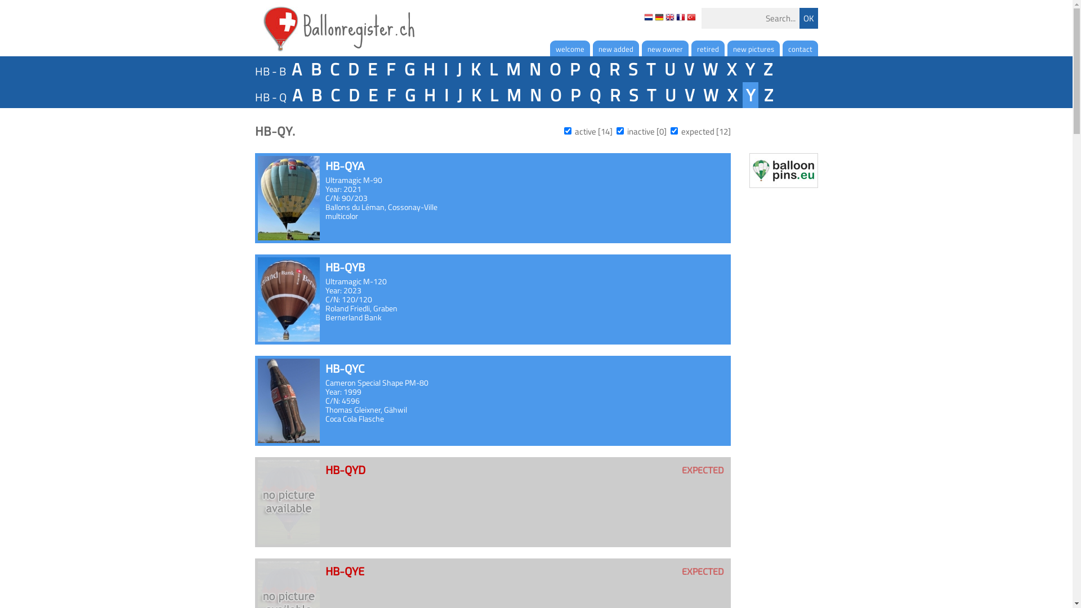 Image resolution: width=1081 pixels, height=608 pixels. I want to click on 'new pictures', so click(753, 47).